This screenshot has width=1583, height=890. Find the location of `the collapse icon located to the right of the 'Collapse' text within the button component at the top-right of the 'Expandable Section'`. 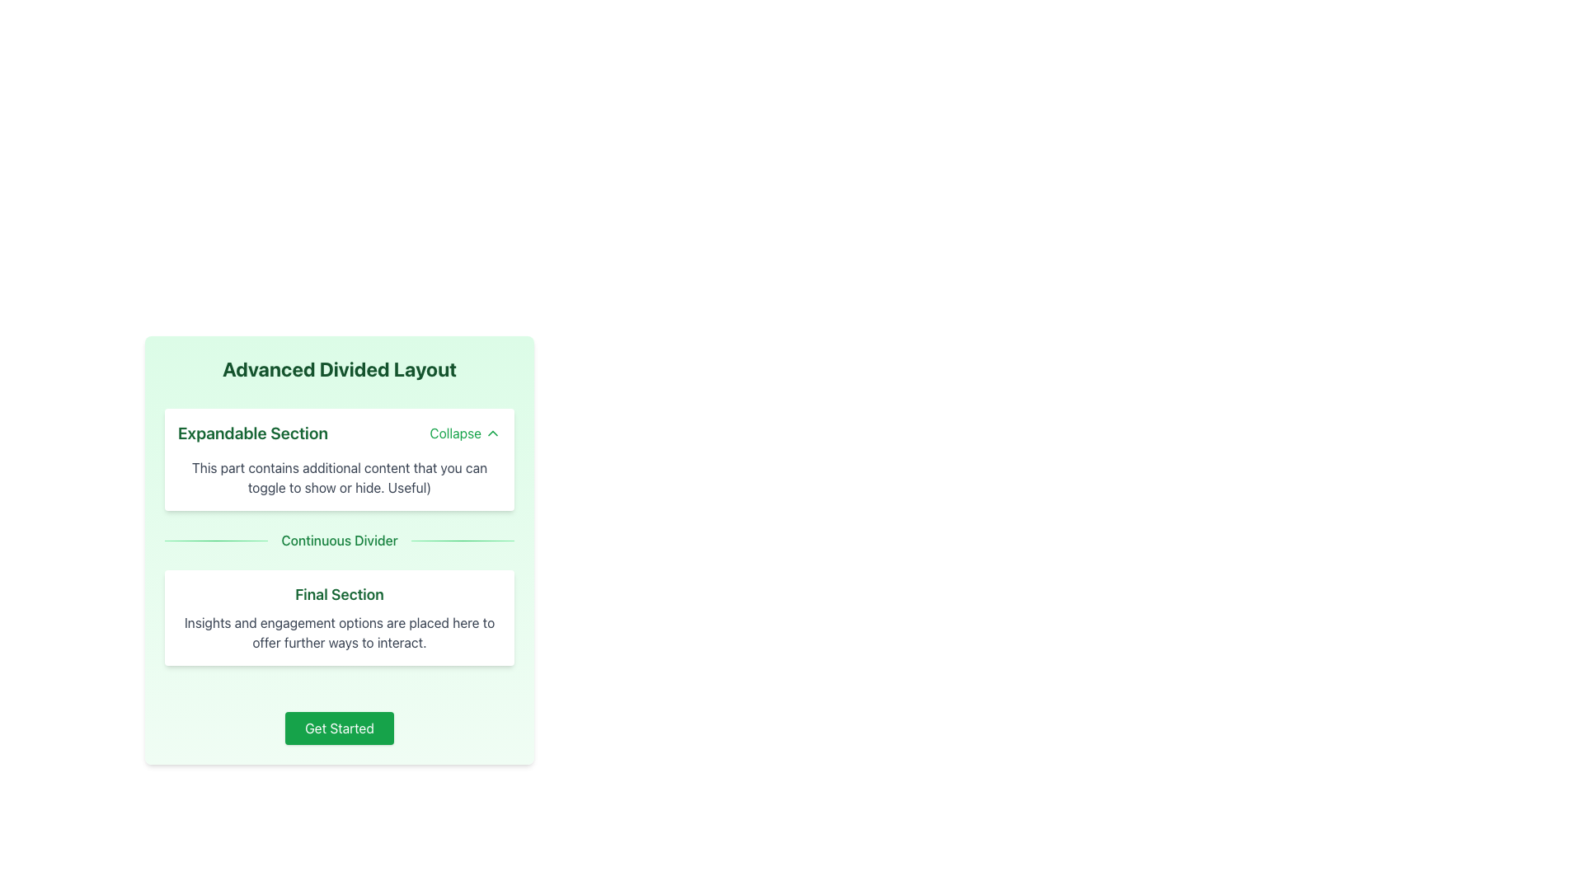

the collapse icon located to the right of the 'Collapse' text within the button component at the top-right of the 'Expandable Section' is located at coordinates (492, 432).